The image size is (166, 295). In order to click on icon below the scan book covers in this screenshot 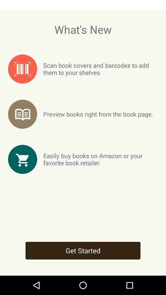, I will do `click(98, 114)`.